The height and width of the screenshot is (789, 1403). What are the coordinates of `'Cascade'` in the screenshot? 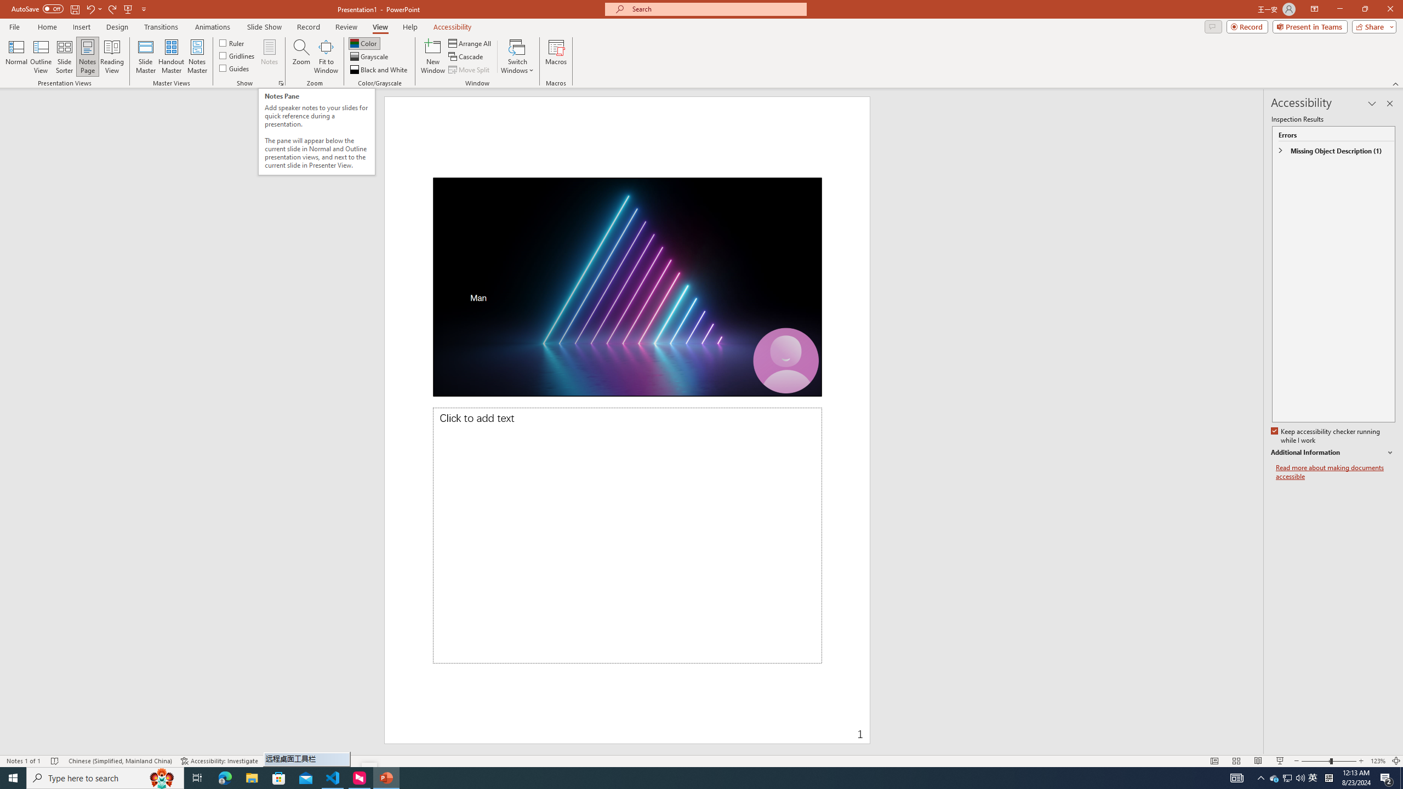 It's located at (466, 56).